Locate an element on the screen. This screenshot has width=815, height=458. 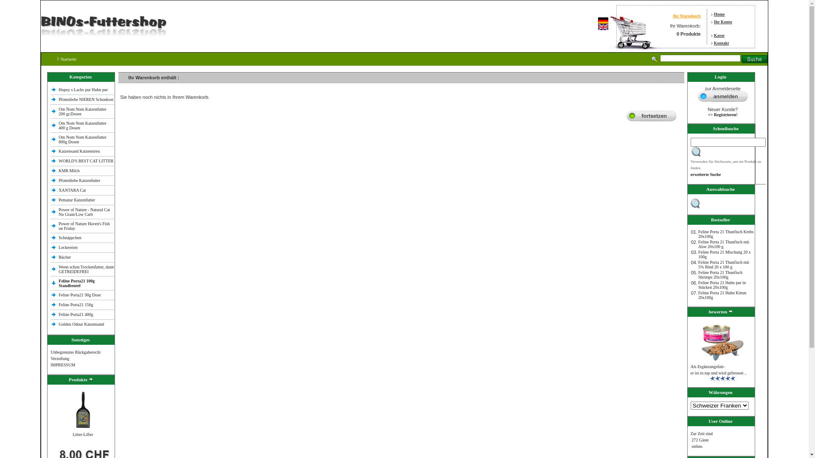
'Power of Nature - Natural Cat No Grain/Low Carb' is located at coordinates (84, 211).